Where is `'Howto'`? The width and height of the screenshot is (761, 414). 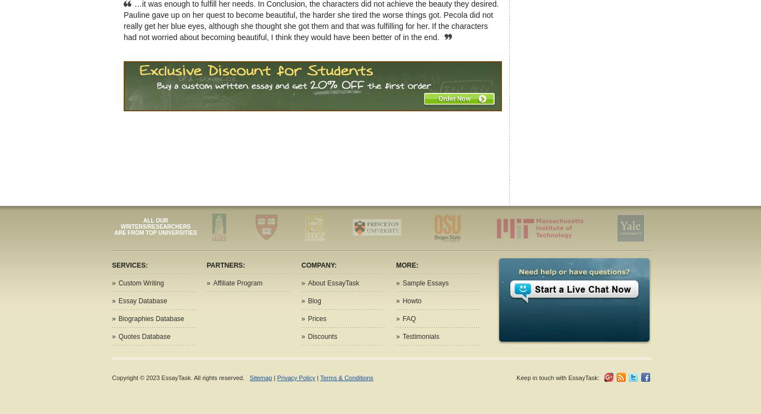
'Howto' is located at coordinates (412, 300).